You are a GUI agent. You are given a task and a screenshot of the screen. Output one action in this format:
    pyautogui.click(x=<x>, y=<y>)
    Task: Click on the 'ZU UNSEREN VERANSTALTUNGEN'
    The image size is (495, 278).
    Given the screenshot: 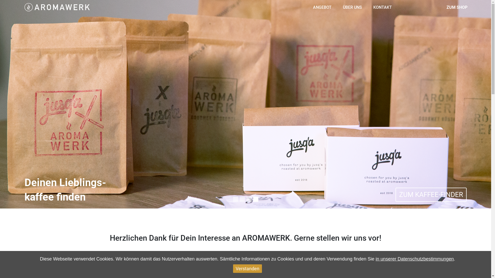 What is the action you would take?
    pyautogui.click(x=410, y=195)
    